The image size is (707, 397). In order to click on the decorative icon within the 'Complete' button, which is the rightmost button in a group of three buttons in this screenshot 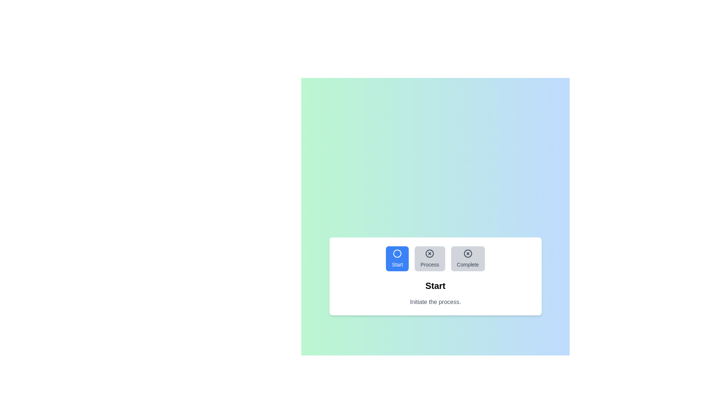, I will do `click(467, 253)`.